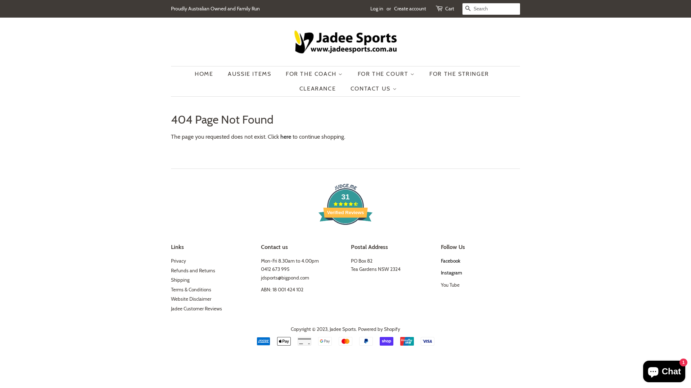 The image size is (691, 388). I want to click on 'Powered by Shopify', so click(358, 329).